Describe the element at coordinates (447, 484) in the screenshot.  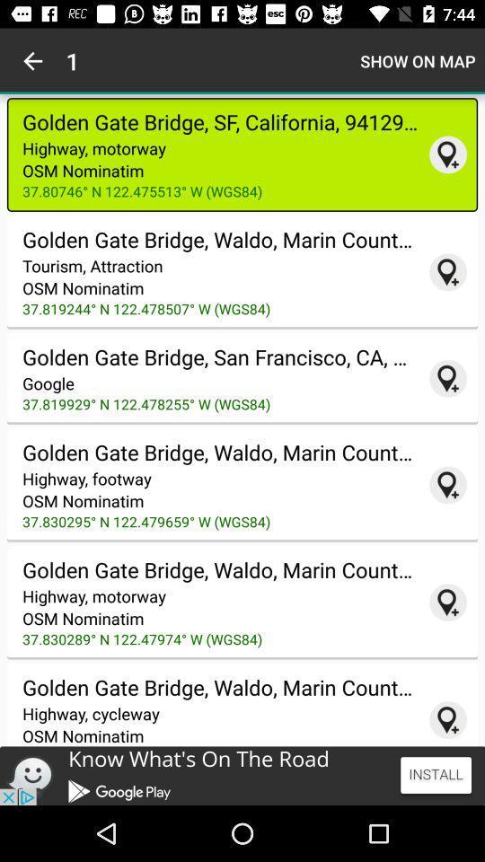
I see `coordinates` at that location.